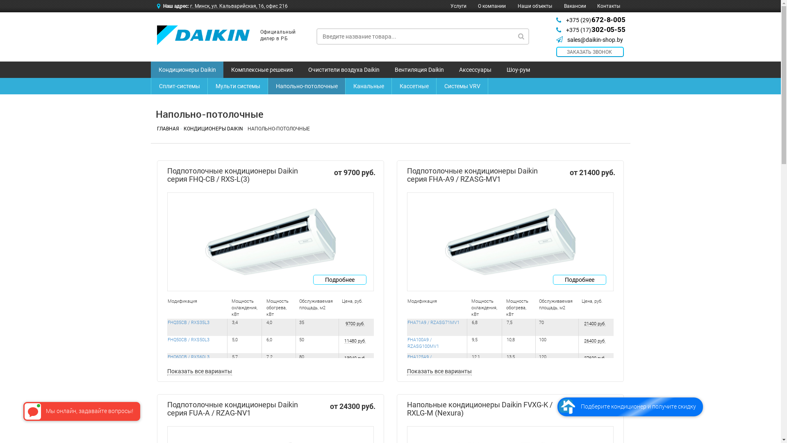  Describe the element at coordinates (595, 20) in the screenshot. I see `'+375 (29) 672-8-005'` at that location.